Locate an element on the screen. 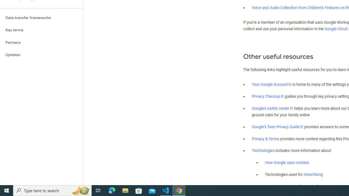 Image resolution: width=349 pixels, height=196 pixels. 'Advertising' is located at coordinates (313, 174).